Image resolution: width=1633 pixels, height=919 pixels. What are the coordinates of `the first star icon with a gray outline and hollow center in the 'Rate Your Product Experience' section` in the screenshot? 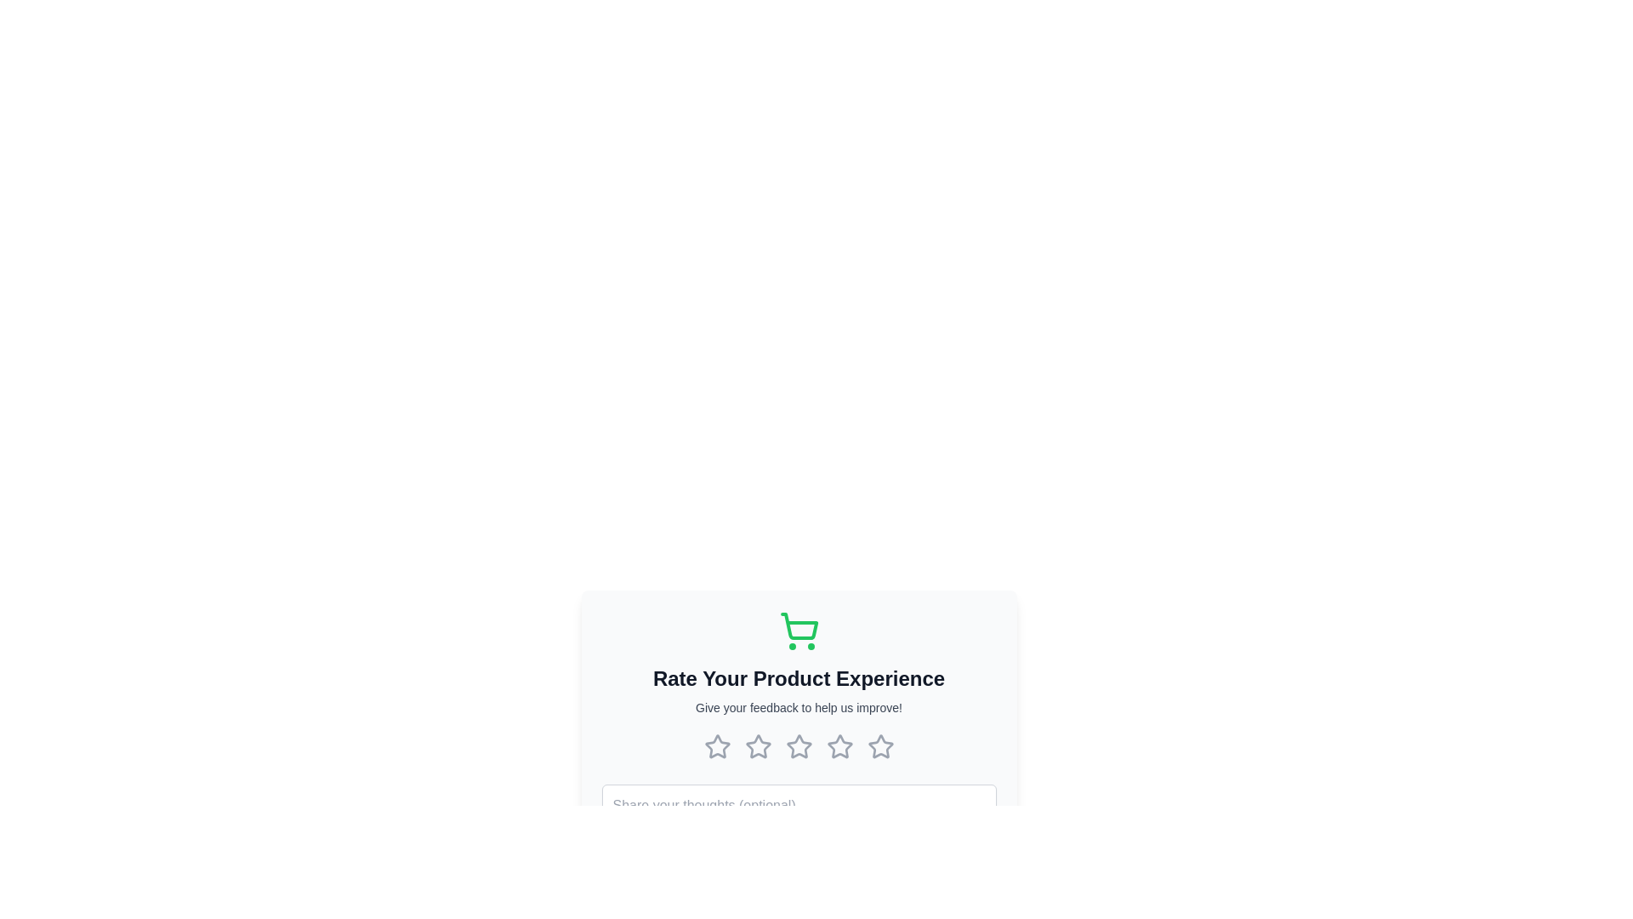 It's located at (717, 746).